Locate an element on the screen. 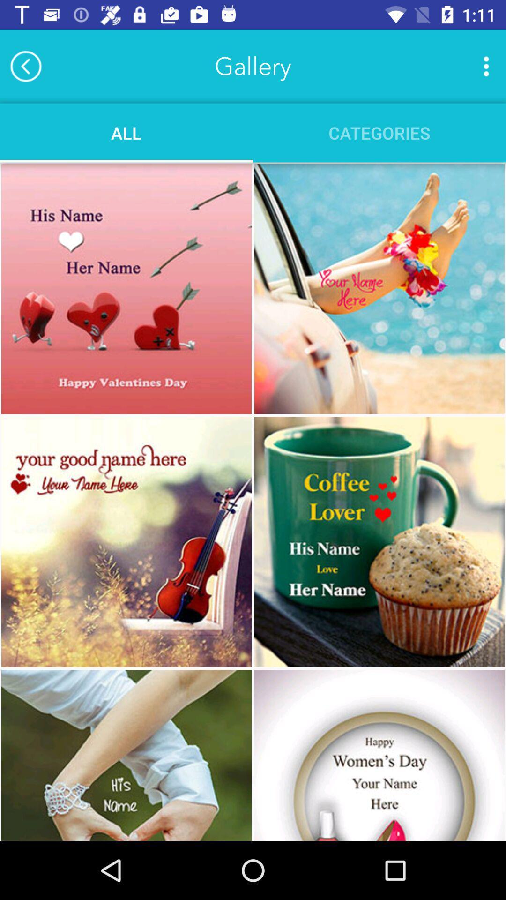 This screenshot has width=506, height=900. more info is located at coordinates (485, 66).